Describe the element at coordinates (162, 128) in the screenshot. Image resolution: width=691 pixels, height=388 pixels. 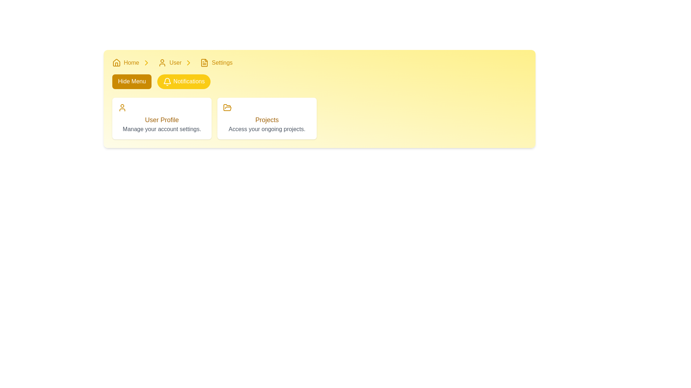
I see `text label 'Manage your account settings.' located beneath the heading 'User Profile' in the left section of the interface` at that location.